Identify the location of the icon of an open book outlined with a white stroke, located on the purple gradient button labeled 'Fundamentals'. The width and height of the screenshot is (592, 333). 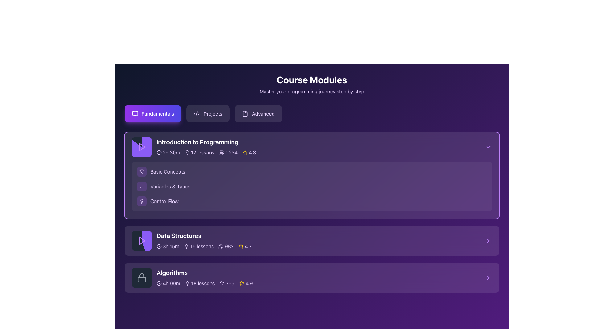
(134, 114).